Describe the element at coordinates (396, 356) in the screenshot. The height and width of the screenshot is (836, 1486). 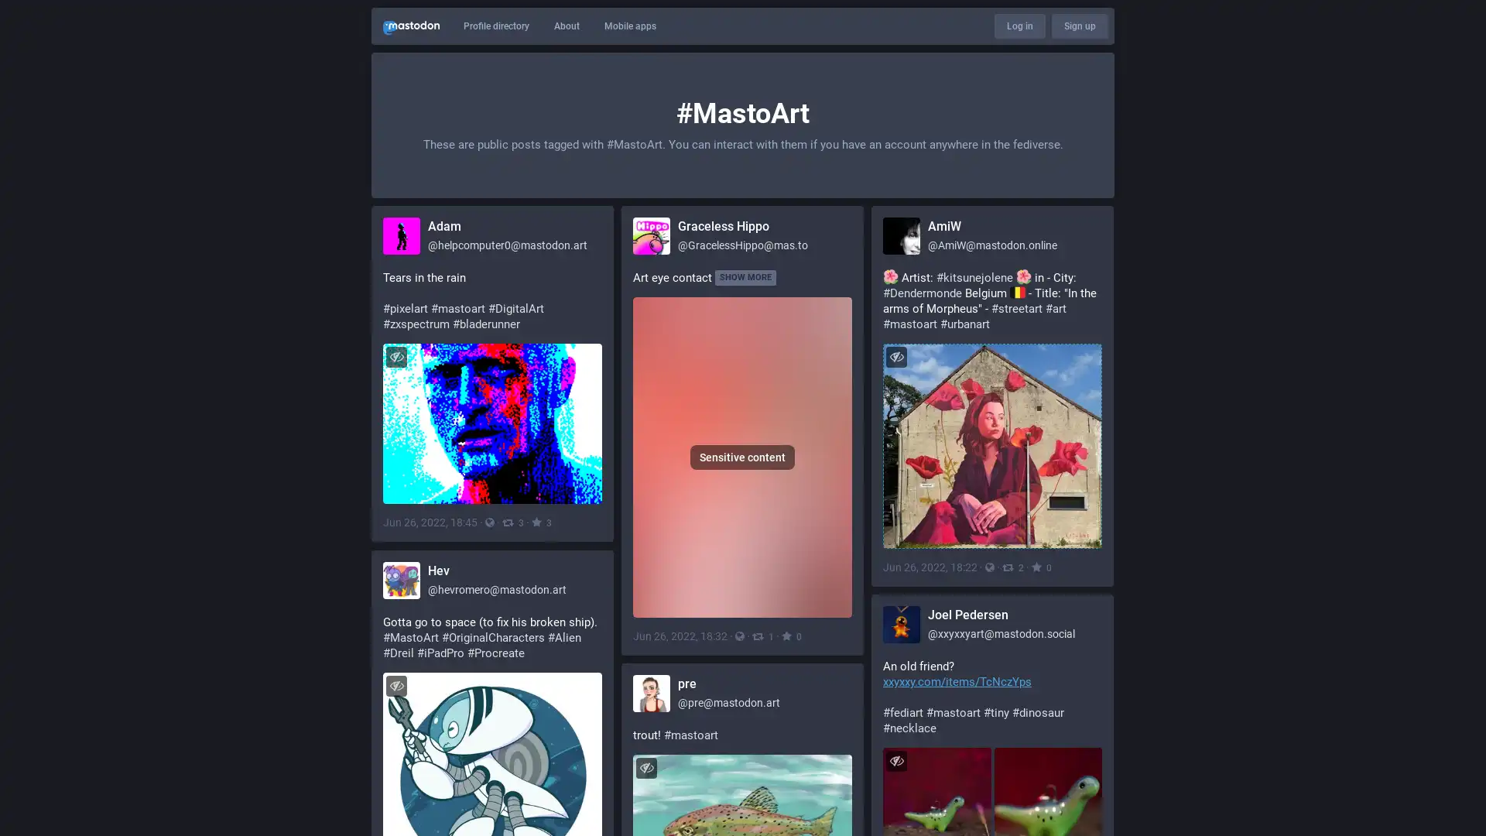
I see `Hide image` at that location.